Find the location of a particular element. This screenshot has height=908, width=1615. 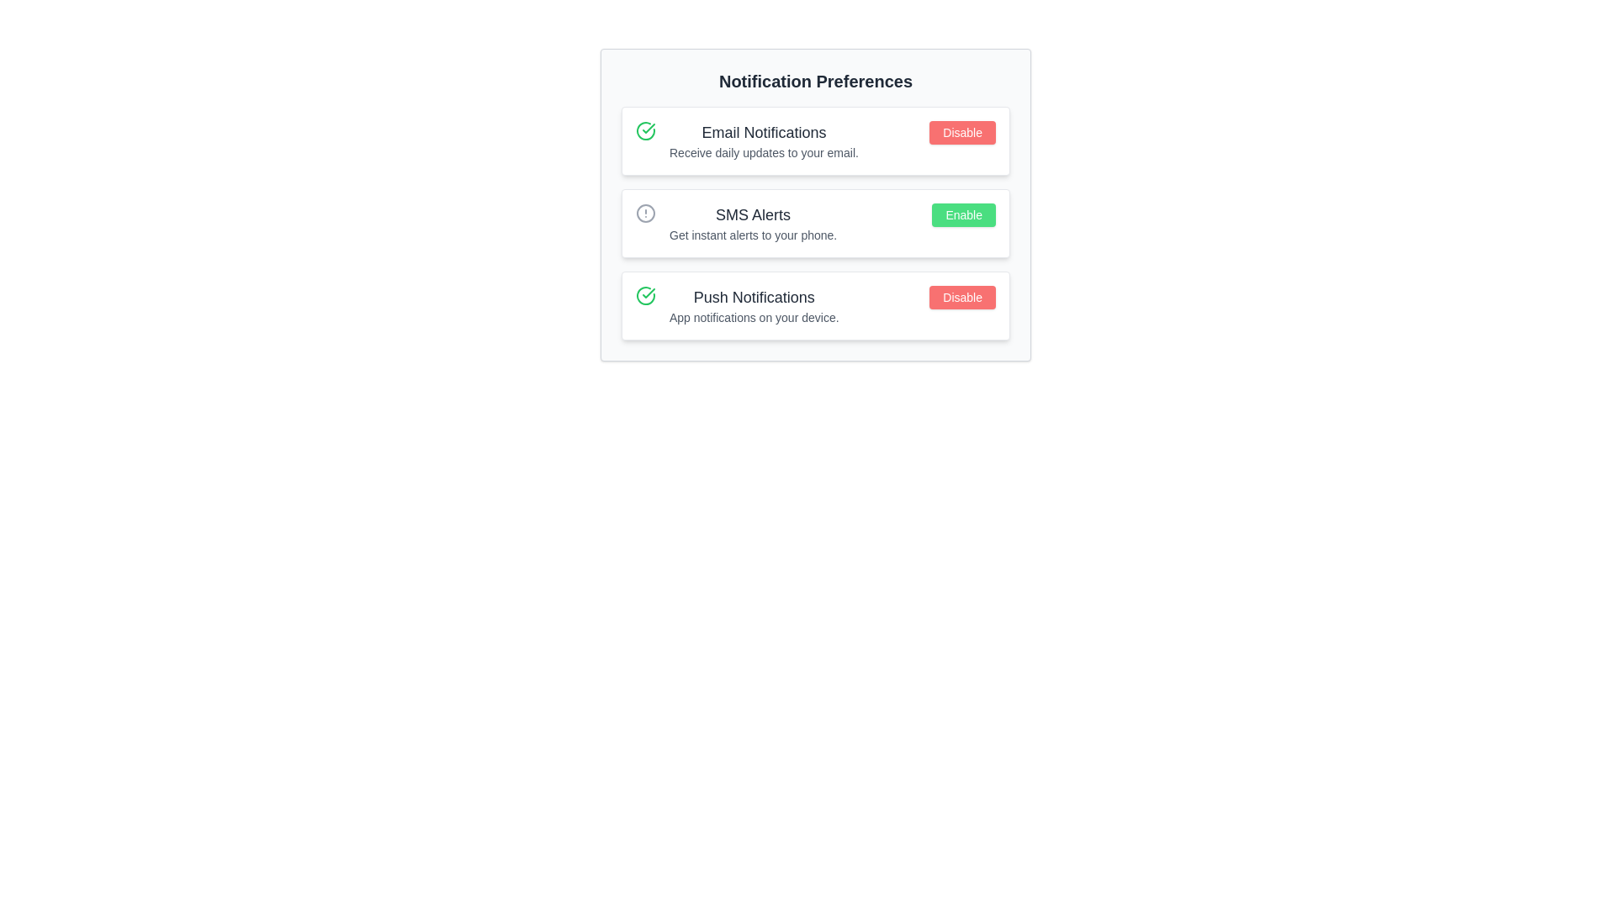

the inner circle of the rounded icon indicating attention for SMS Alerts, located to the left of the 'SMS Alerts' text in the second row of the notification options table is located at coordinates (645, 213).